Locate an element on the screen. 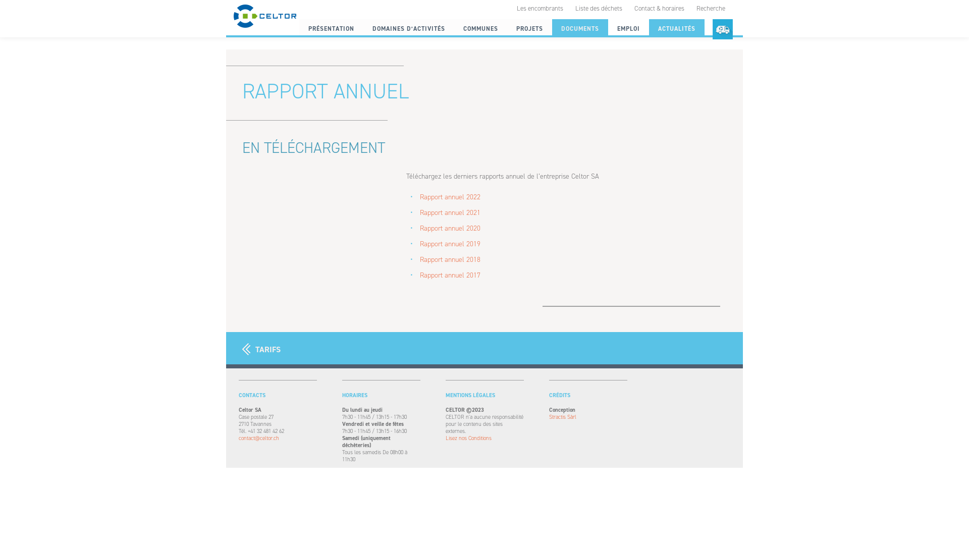 This screenshot has height=545, width=969. 'Rapport annuel 2019' is located at coordinates (450, 244).